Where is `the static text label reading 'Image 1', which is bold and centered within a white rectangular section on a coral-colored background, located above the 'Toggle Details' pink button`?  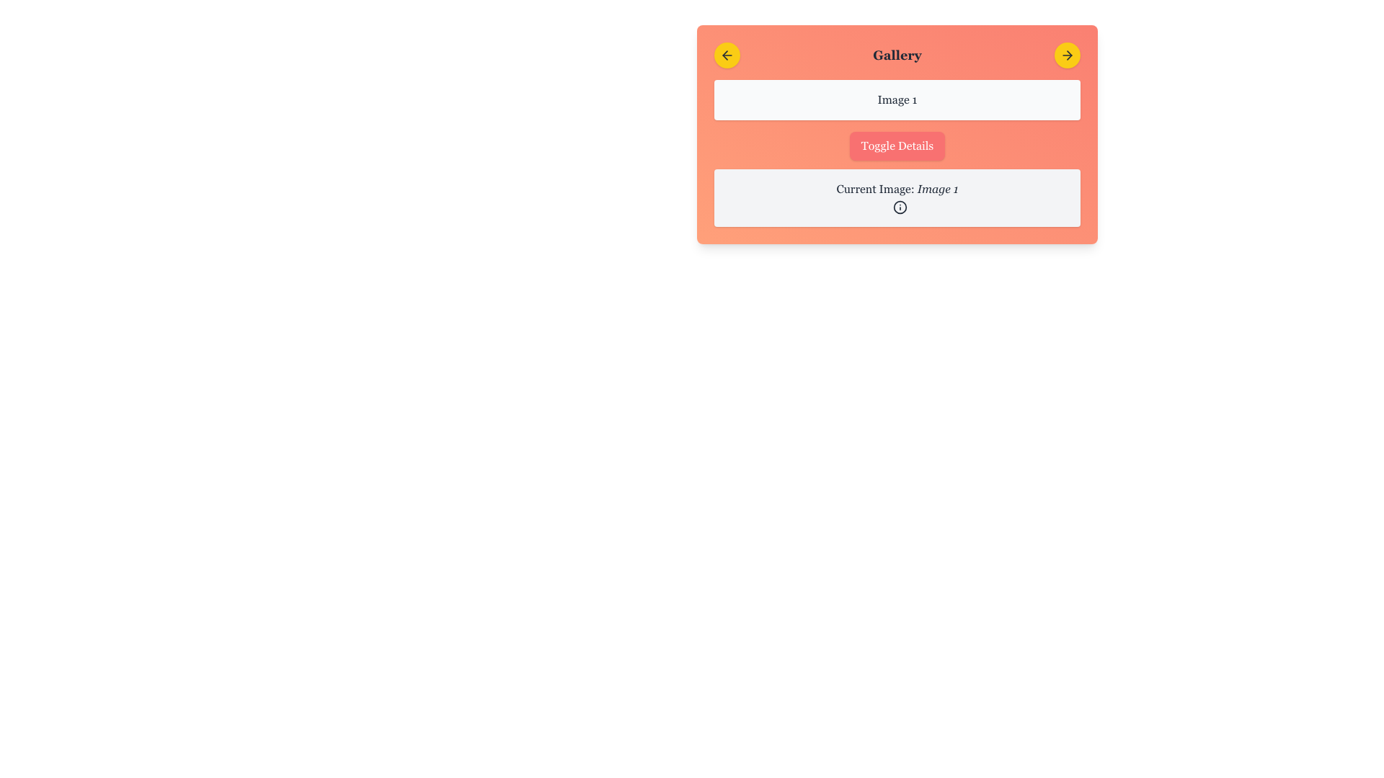
the static text label reading 'Image 1', which is bold and centered within a white rectangular section on a coral-colored background, located above the 'Toggle Details' pink button is located at coordinates (896, 99).